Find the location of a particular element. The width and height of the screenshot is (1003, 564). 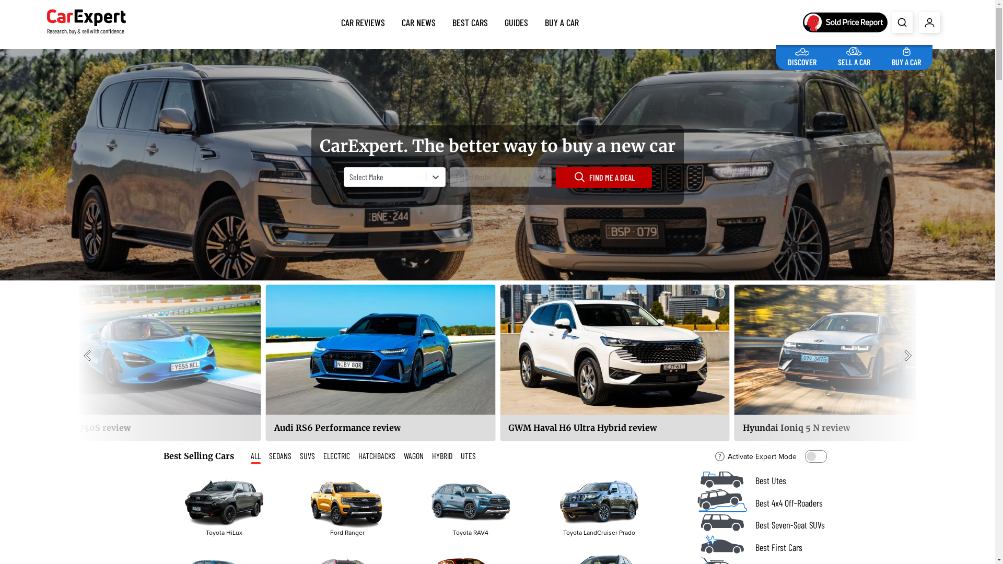

'Toyota LandCruiser Prado' is located at coordinates (599, 507).